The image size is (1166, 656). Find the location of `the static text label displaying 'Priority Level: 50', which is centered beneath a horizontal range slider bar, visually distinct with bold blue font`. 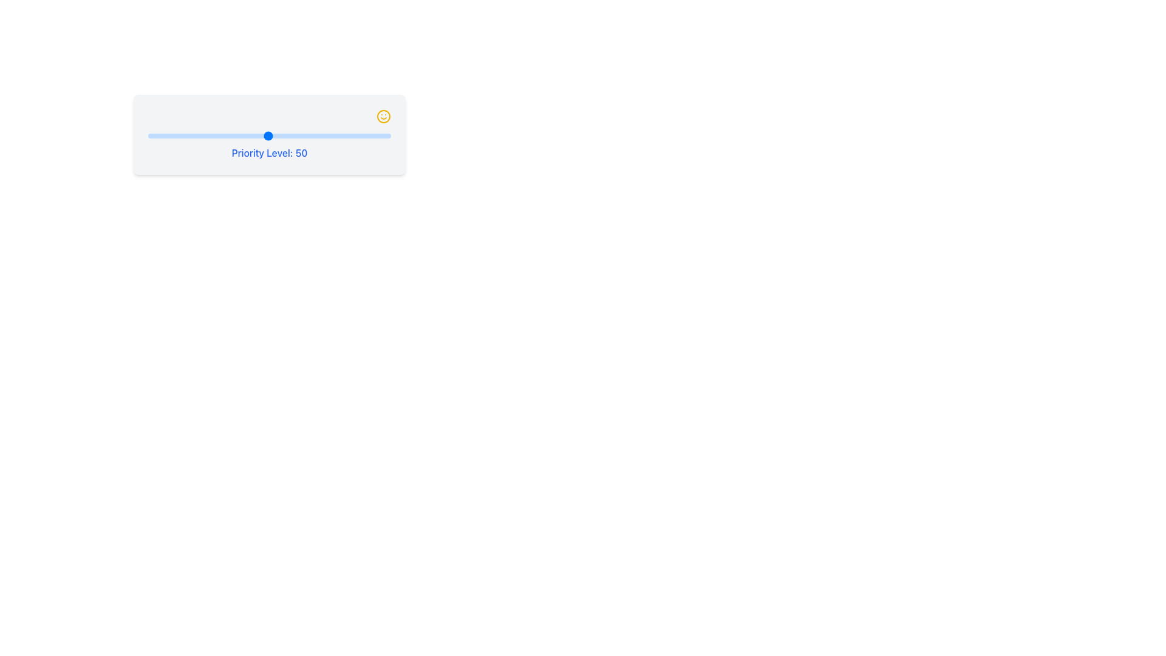

the static text label displaying 'Priority Level: 50', which is centered beneath a horizontal range slider bar, visually distinct with bold blue font is located at coordinates (269, 146).